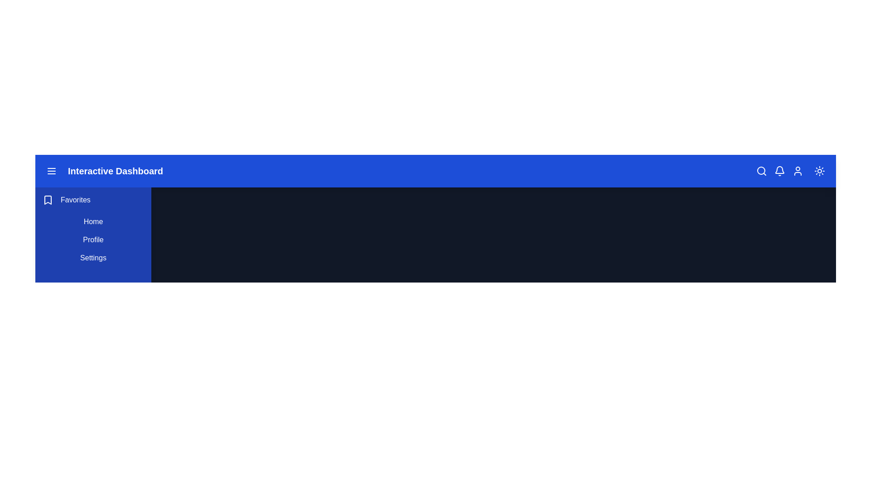  What do you see at coordinates (820, 171) in the screenshot?
I see `the button with the sun/moon icon to toggle between light and dark mode` at bounding box center [820, 171].